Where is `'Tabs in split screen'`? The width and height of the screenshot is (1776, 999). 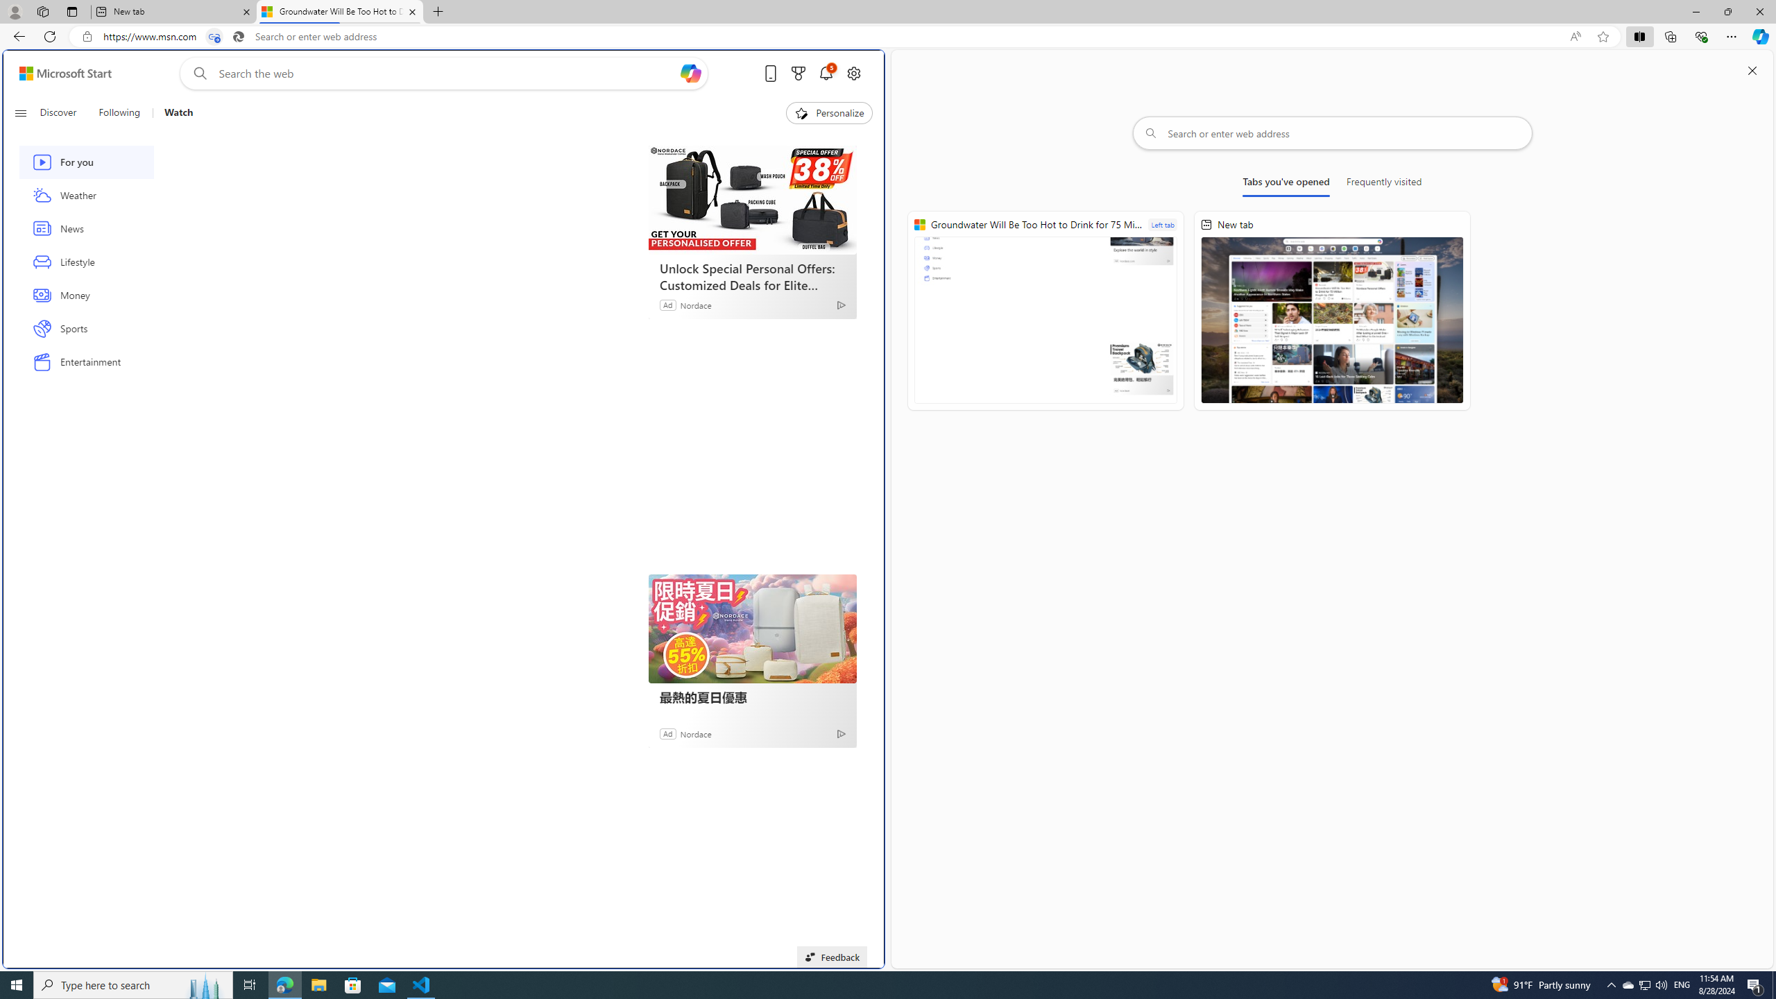
'Tabs in split screen' is located at coordinates (214, 37).